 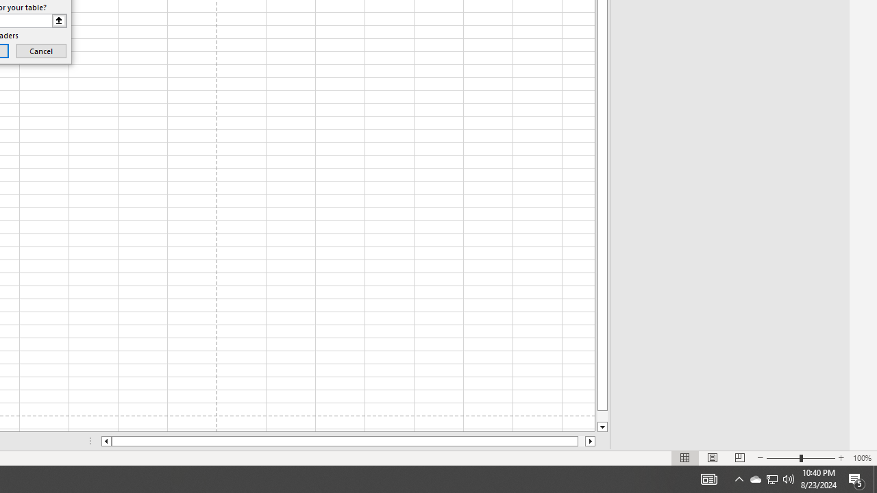 I want to click on 'Page Break Preview', so click(x=739, y=458).